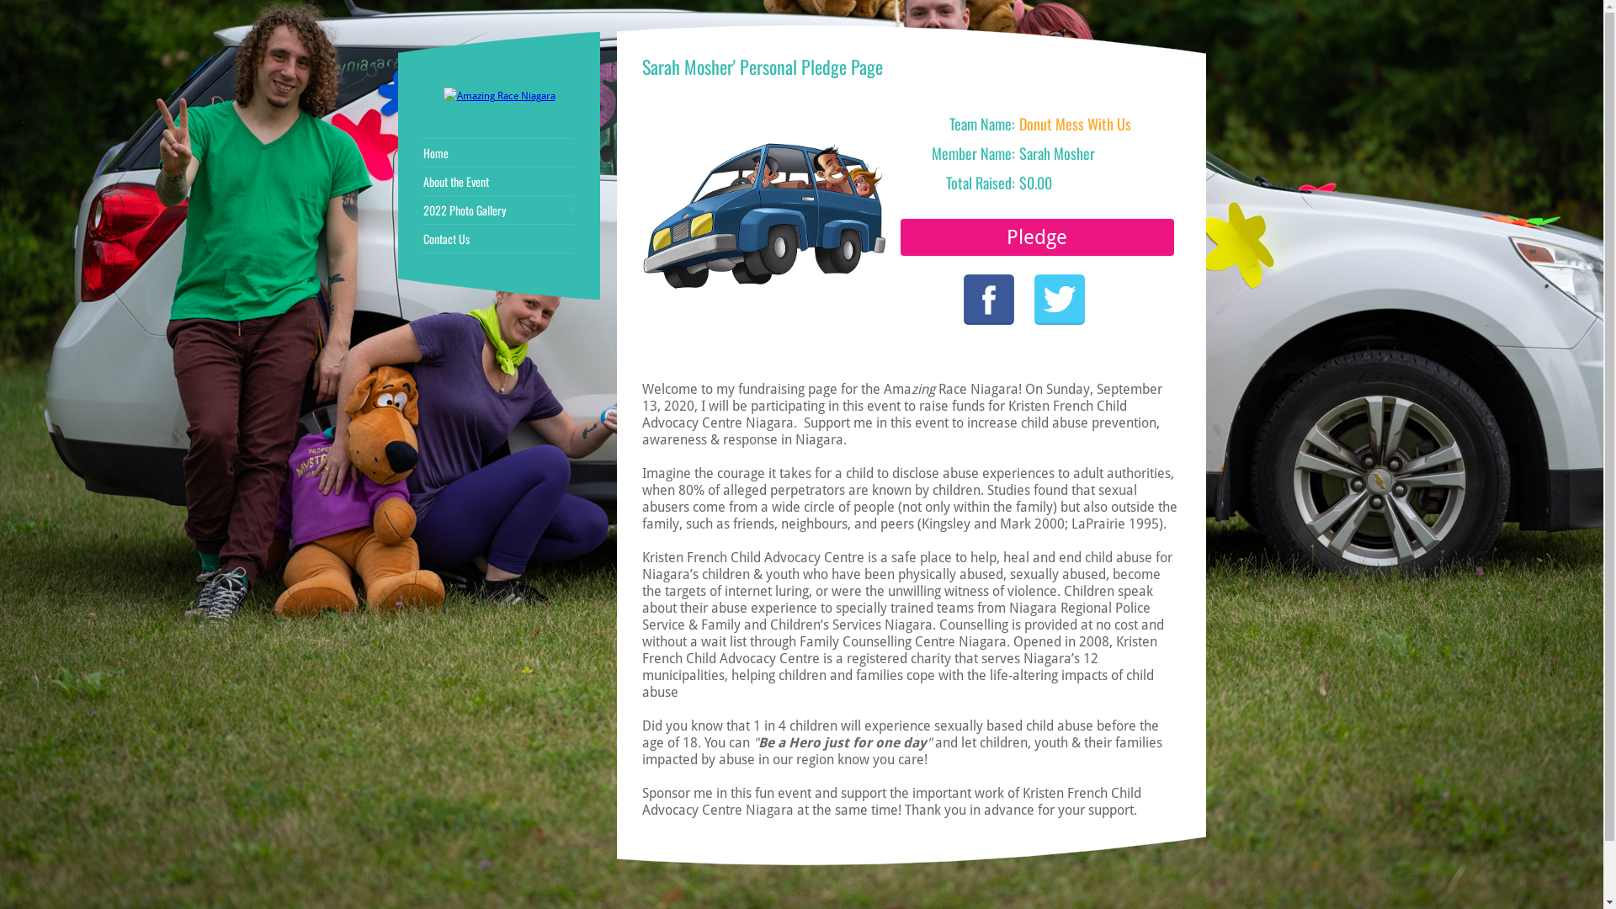 The height and width of the screenshot is (909, 1616). What do you see at coordinates (1036, 237) in the screenshot?
I see `'Pledge'` at bounding box center [1036, 237].